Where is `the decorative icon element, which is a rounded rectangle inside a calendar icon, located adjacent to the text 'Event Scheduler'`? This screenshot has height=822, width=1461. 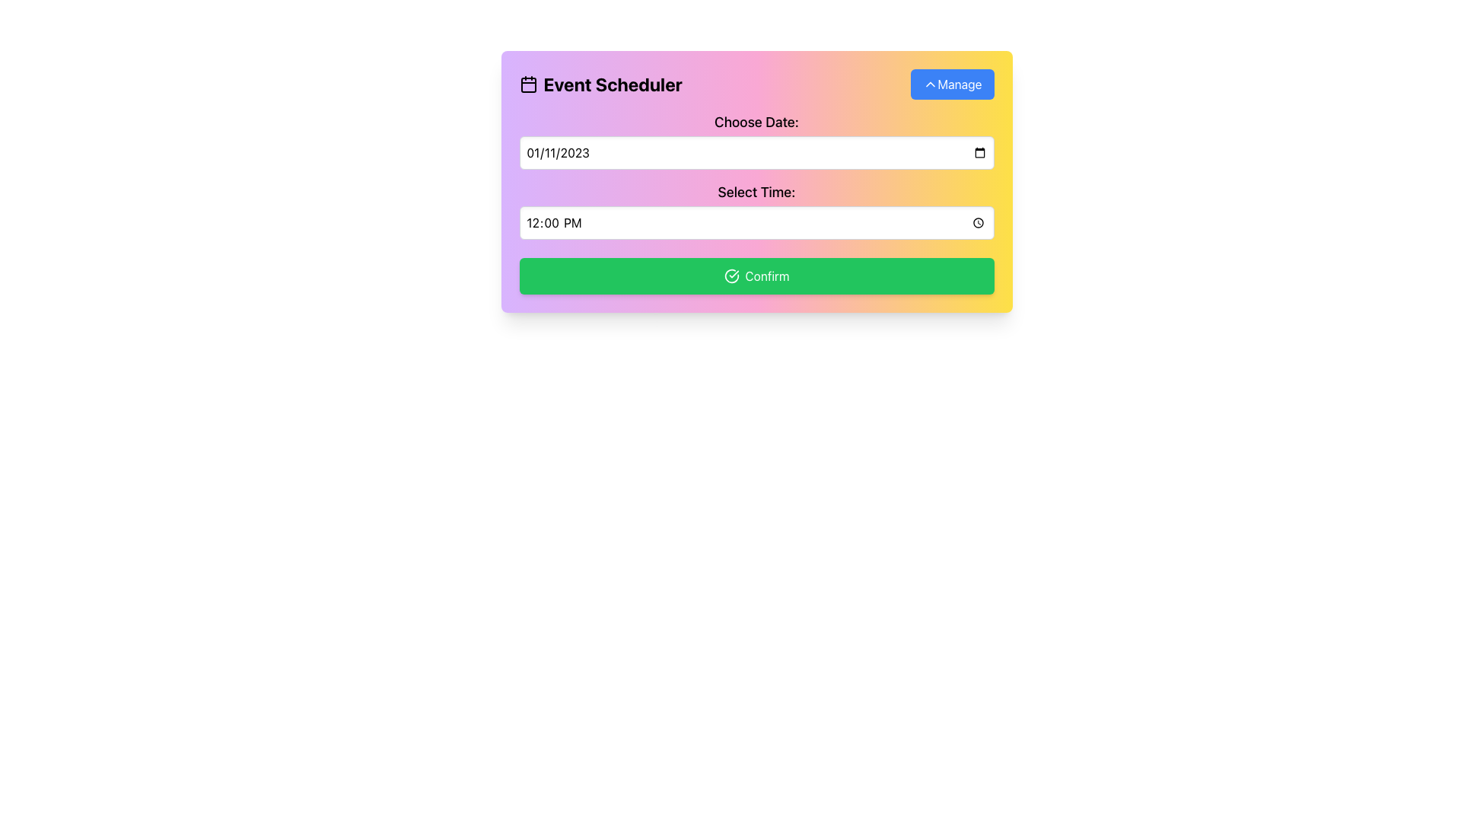
the decorative icon element, which is a rounded rectangle inside a calendar icon, located adjacent to the text 'Event Scheduler' is located at coordinates (528, 84).